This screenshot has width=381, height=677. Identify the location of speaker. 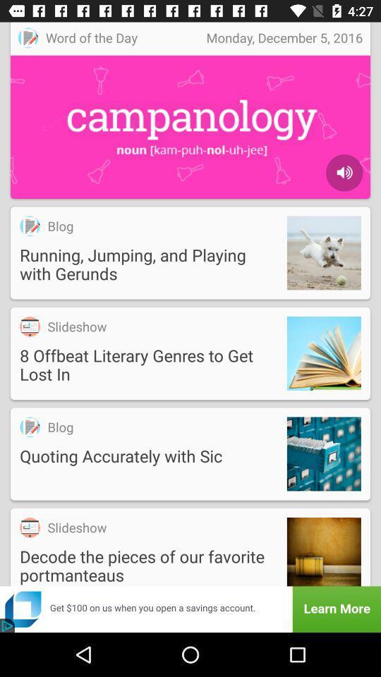
(344, 172).